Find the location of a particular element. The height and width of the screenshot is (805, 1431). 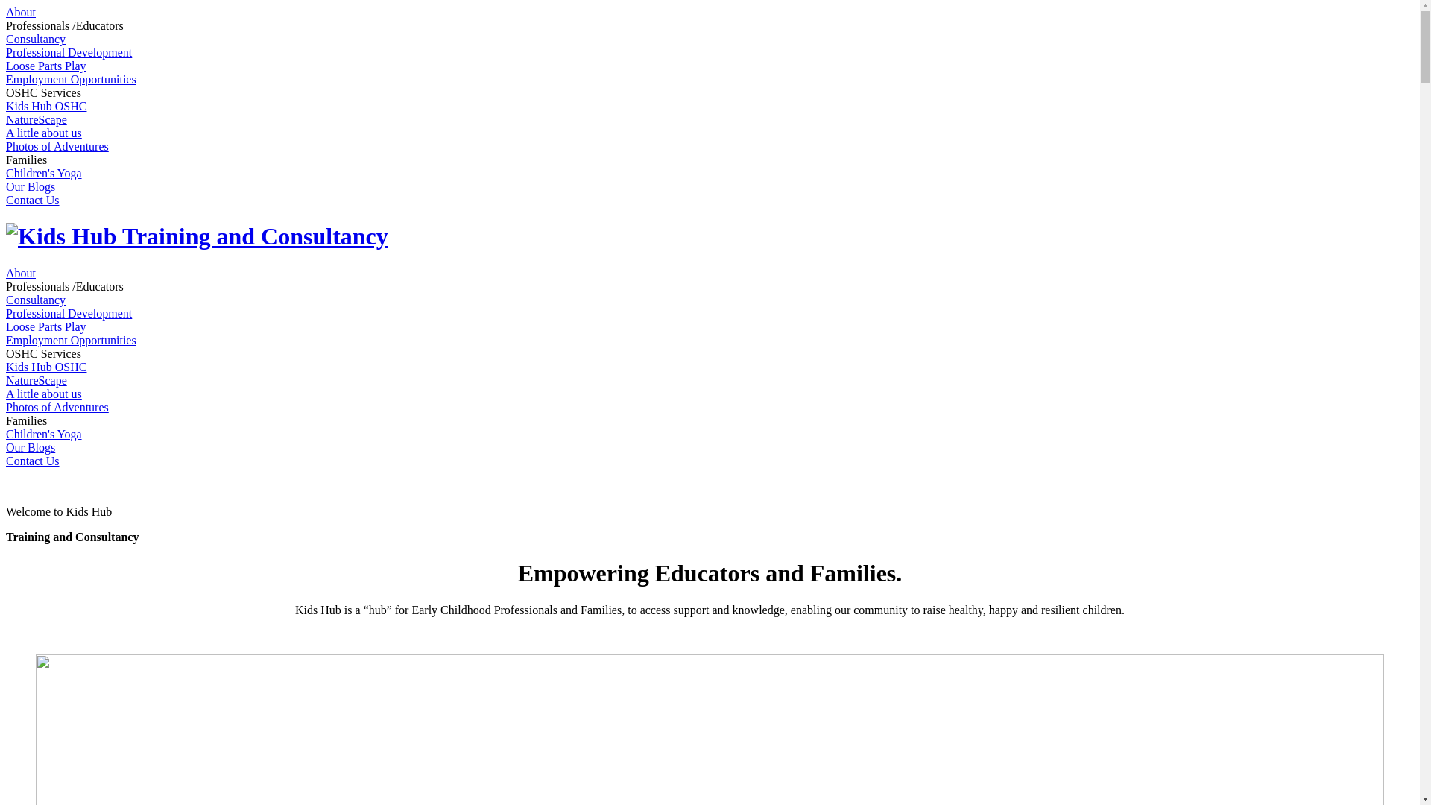

'Loose Parts Play' is located at coordinates (46, 326).